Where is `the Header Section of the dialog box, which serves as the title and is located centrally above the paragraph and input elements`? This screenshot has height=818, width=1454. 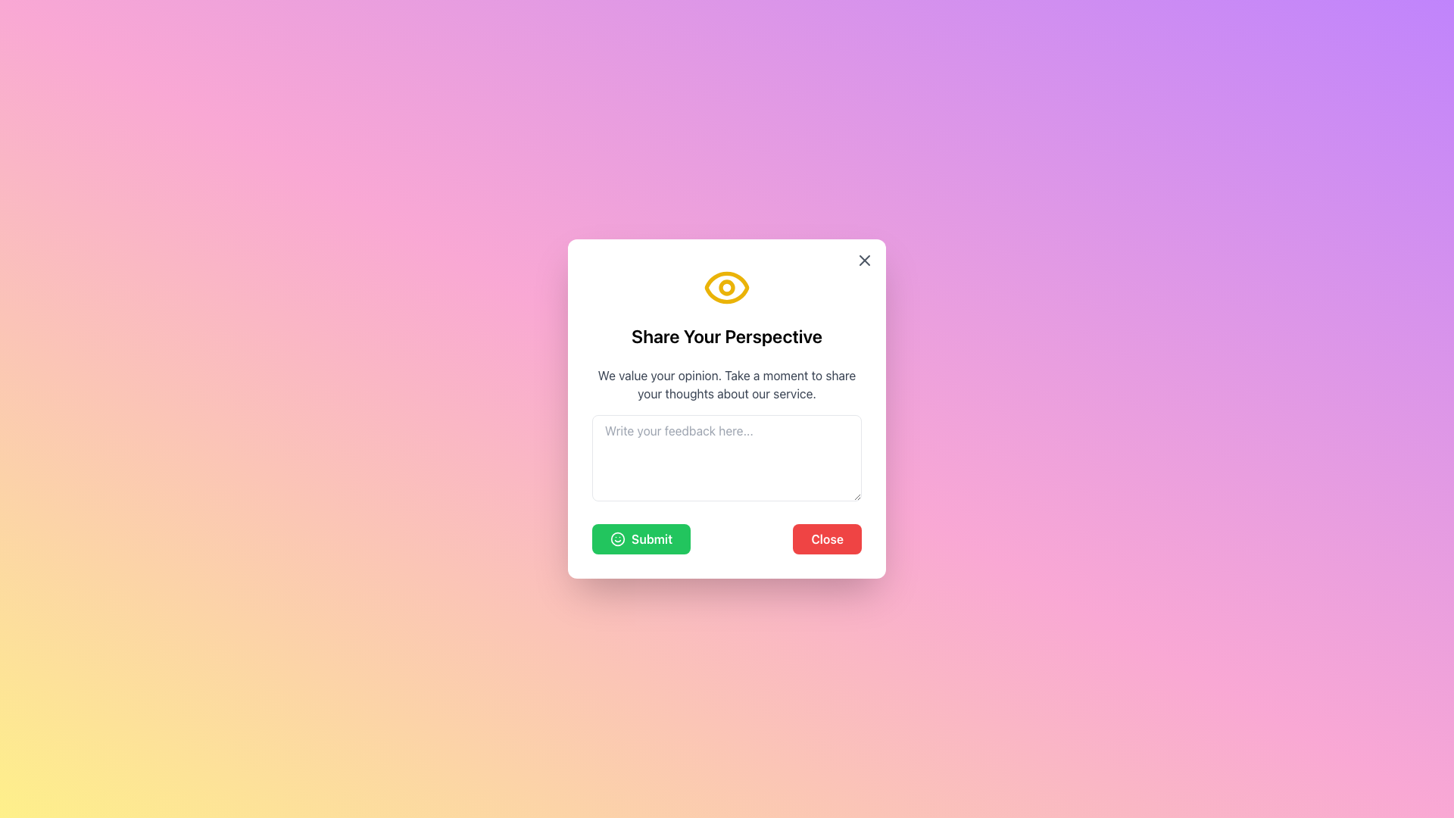 the Header Section of the dialog box, which serves as the title and is located centrally above the paragraph and input elements is located at coordinates (727, 306).